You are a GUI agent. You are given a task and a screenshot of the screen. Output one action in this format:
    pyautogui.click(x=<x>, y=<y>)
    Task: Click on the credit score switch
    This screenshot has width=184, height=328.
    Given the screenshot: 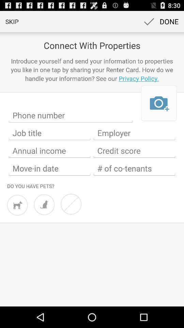 What is the action you would take?
    pyautogui.click(x=134, y=151)
    